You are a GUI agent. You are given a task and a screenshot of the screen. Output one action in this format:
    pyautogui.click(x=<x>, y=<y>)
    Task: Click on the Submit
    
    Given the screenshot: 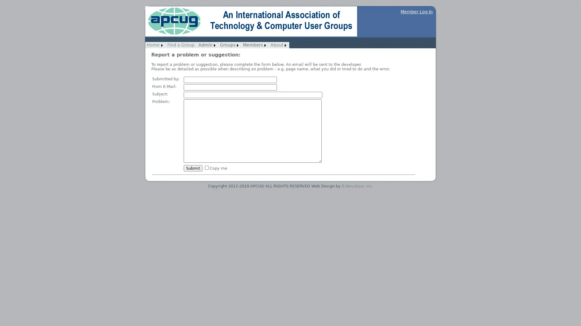 What is the action you would take?
    pyautogui.click(x=193, y=168)
    